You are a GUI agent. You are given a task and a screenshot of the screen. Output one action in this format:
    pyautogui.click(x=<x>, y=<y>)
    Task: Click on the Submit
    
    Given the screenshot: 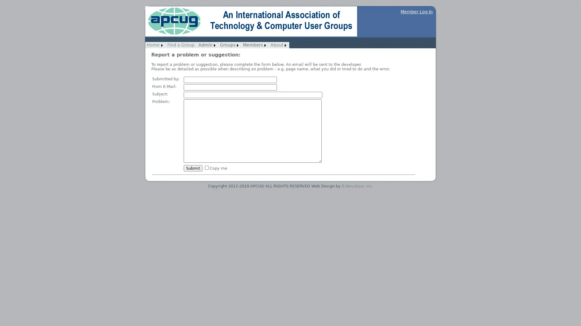 What is the action you would take?
    pyautogui.click(x=193, y=168)
    